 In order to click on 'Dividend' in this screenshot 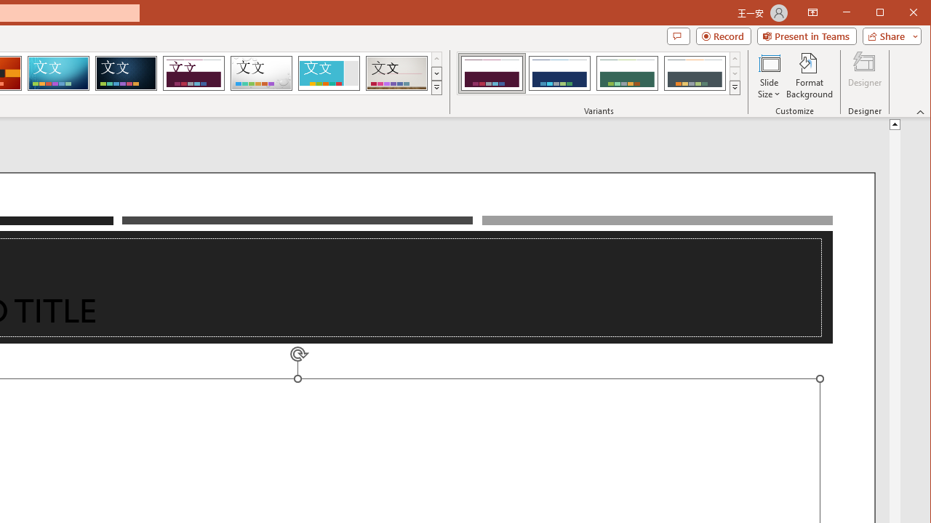, I will do `click(193, 73)`.